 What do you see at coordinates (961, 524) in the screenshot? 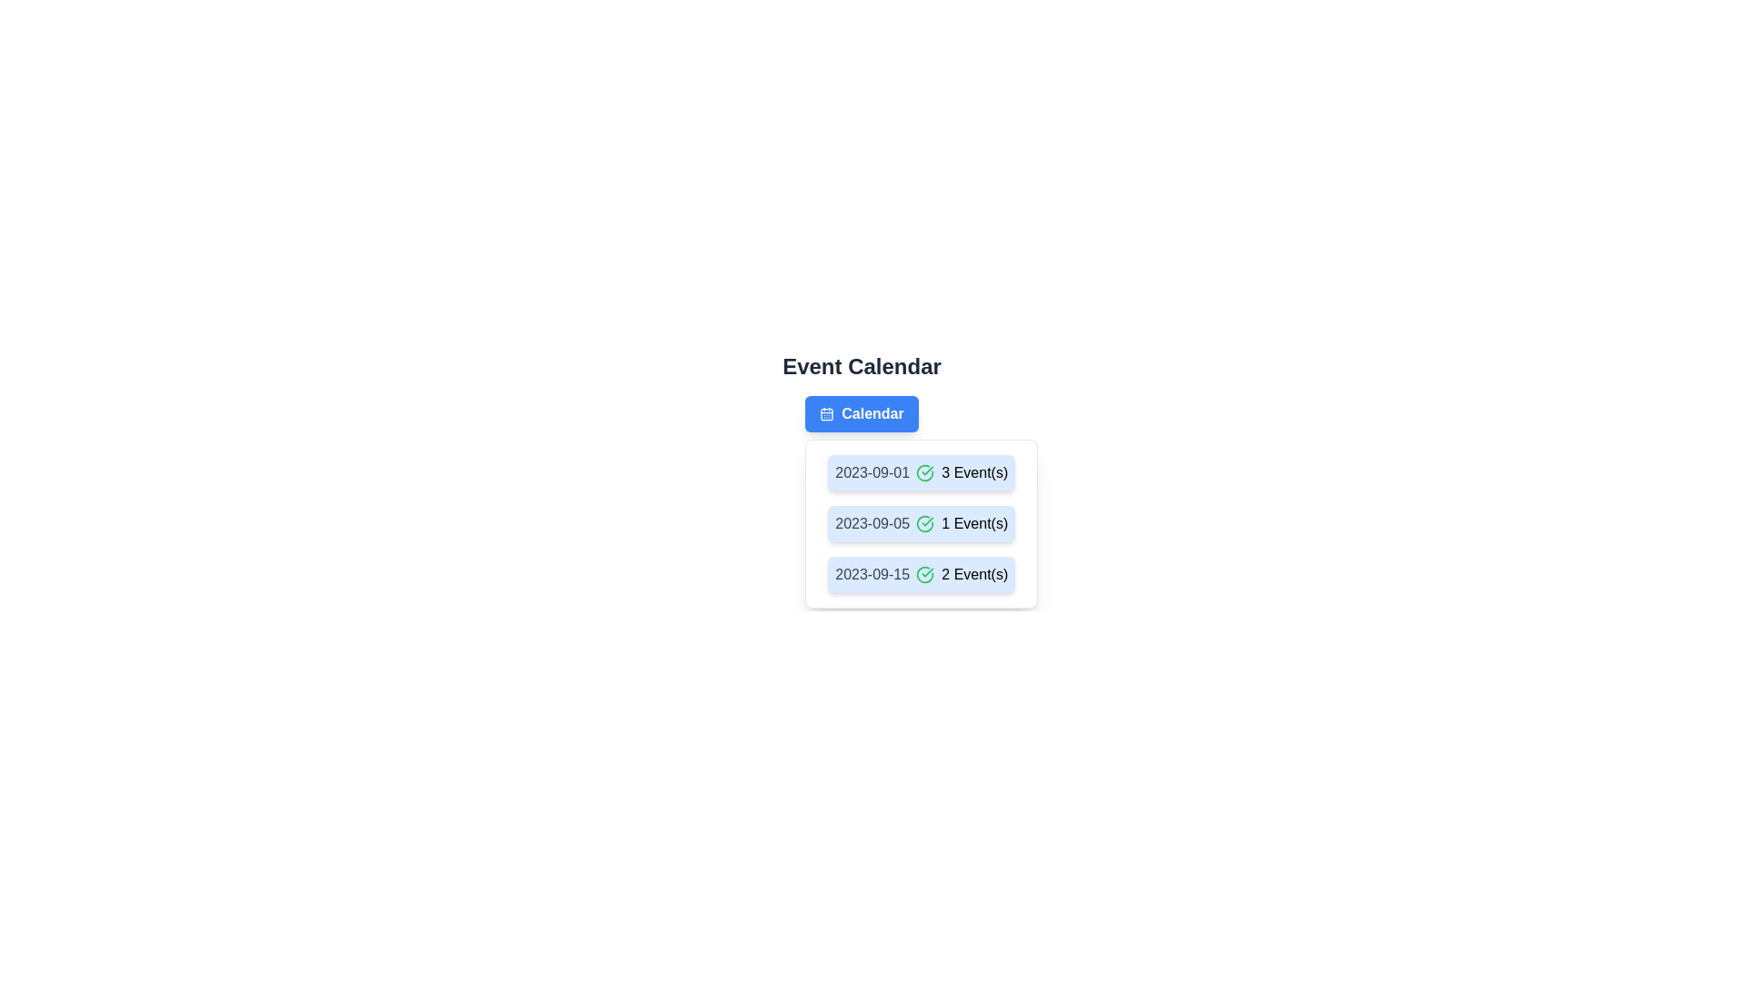
I see `the text '1 Event(s)' with a green checkmark icon, located on the second row of the event calendar list, to the right of the date '2023-09-05'` at bounding box center [961, 524].